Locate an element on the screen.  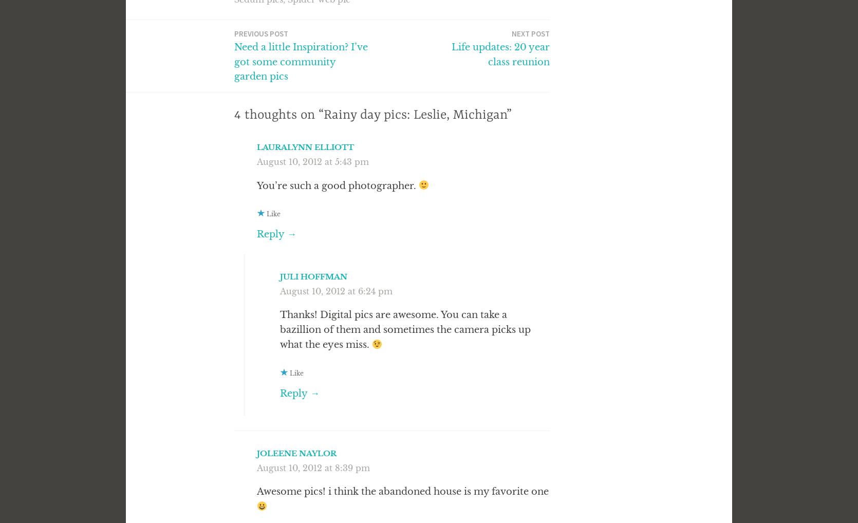
'August 10, 2012 at 8:39 pm' is located at coordinates (313, 467).